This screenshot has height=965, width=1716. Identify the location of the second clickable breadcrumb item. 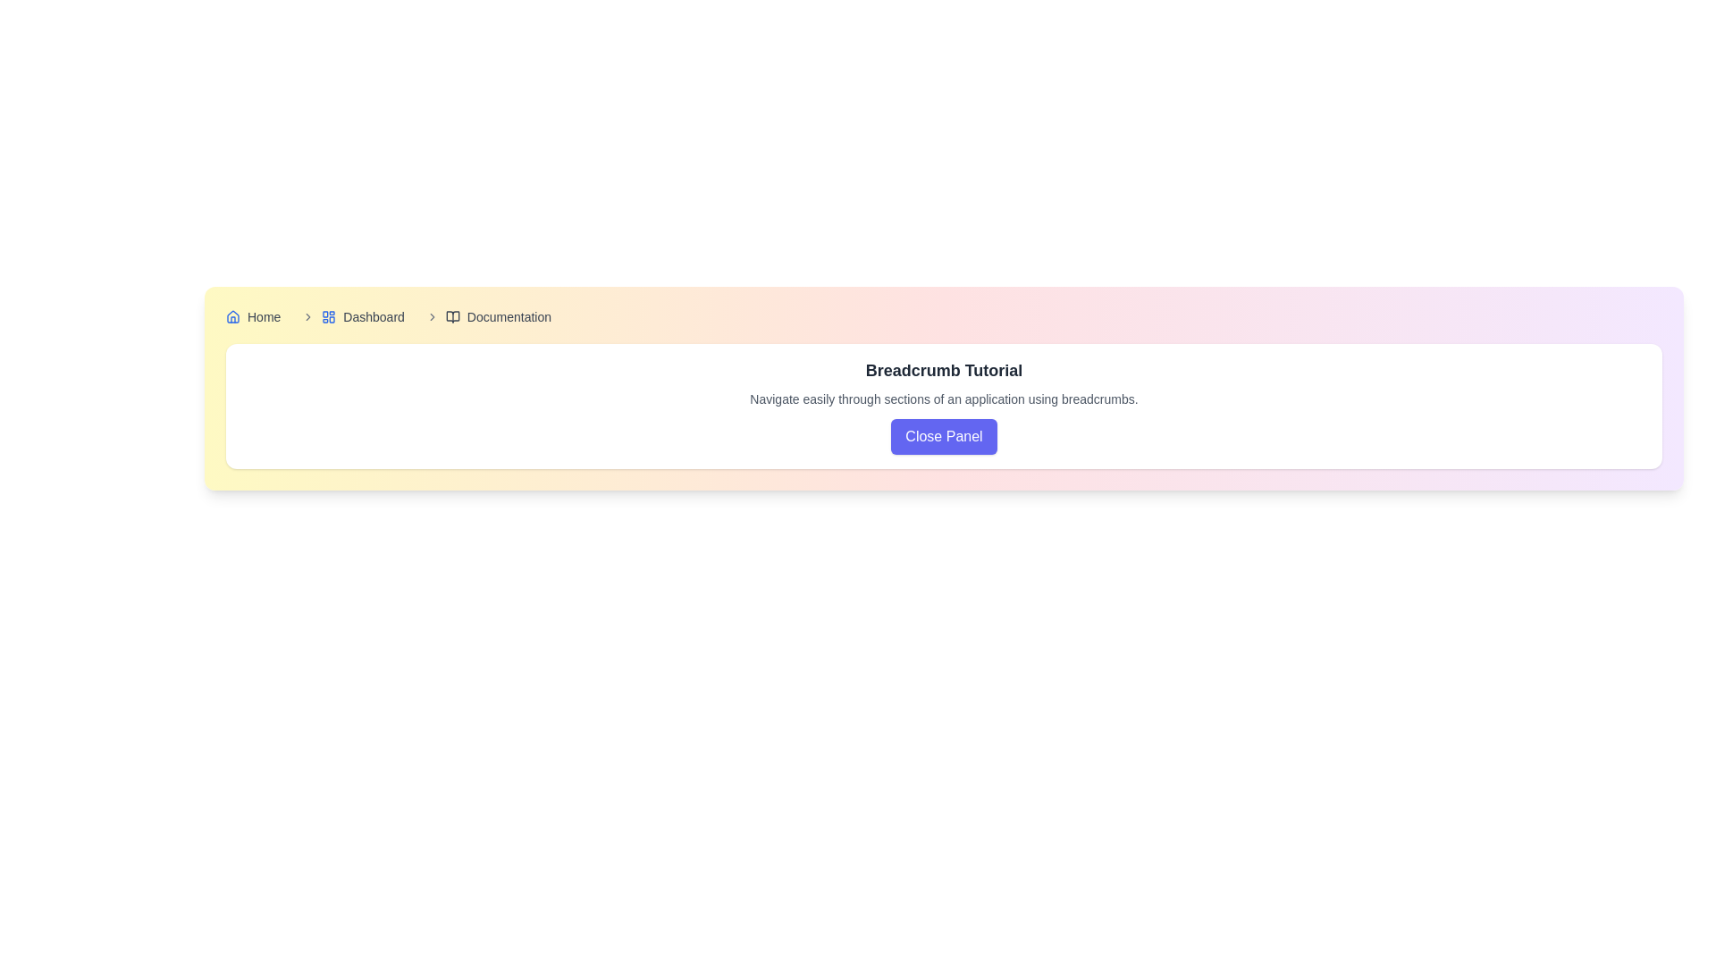
(362, 315).